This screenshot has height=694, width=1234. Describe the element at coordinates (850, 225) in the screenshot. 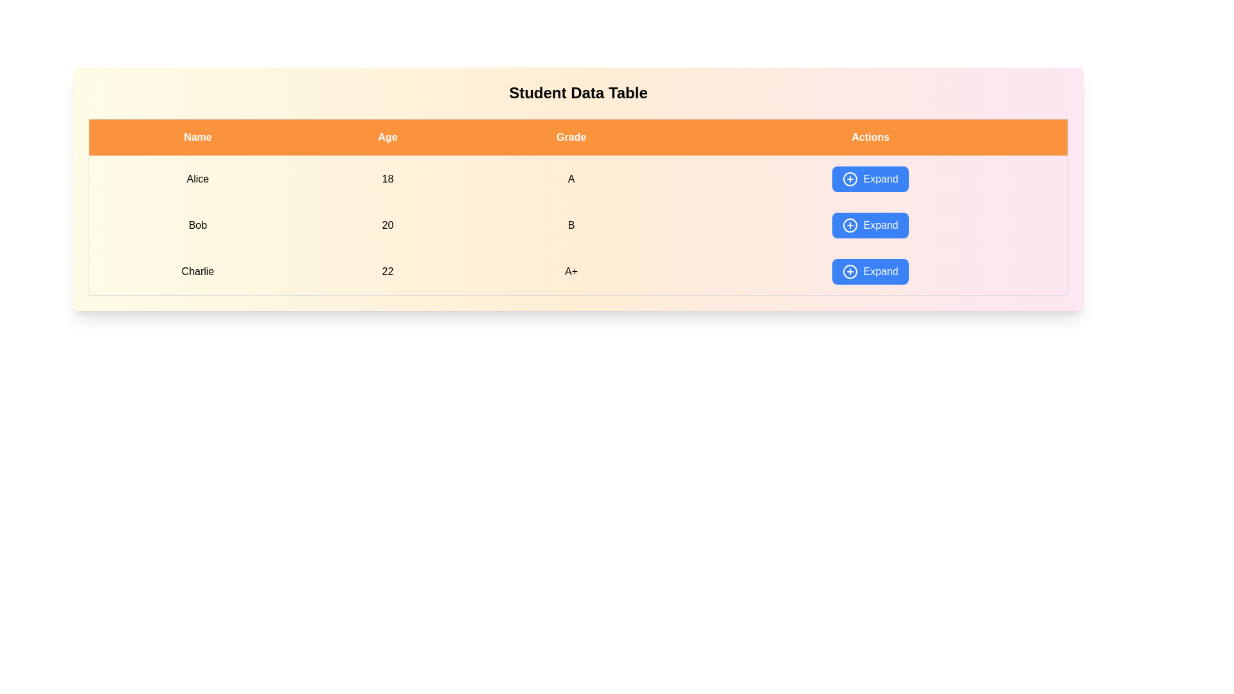

I see `the 'Expand' button containing the circular SVG graphic that serves as a visual indicator` at that location.